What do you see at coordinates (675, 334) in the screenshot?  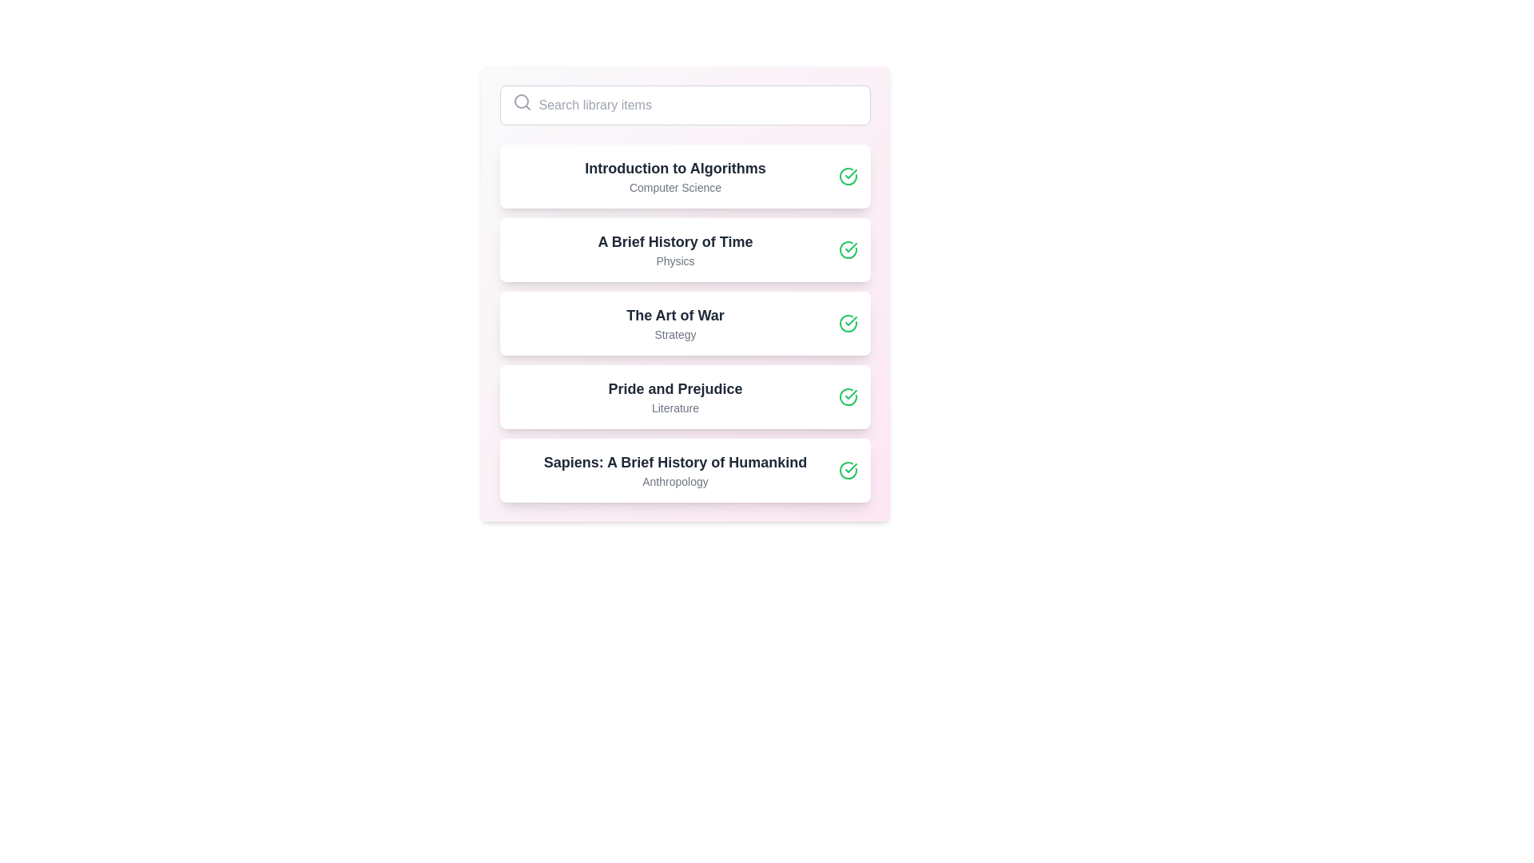 I see `the text label displaying the word 'Strategy', which is styled in a small gray font and positioned below the title 'The Art of War'` at bounding box center [675, 334].